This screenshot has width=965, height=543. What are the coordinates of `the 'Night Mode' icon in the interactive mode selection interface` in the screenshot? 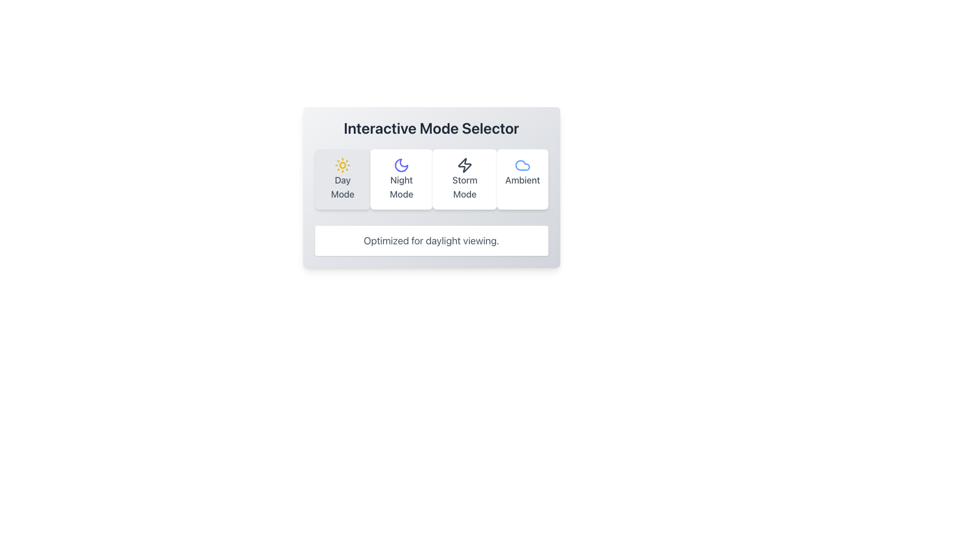 It's located at (401, 164).